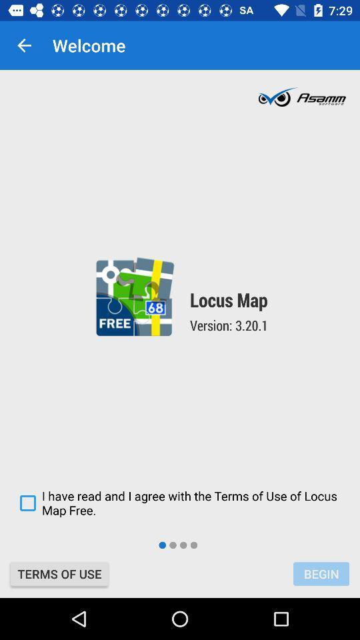  What do you see at coordinates (321, 573) in the screenshot?
I see `item next to terms of use icon` at bounding box center [321, 573].